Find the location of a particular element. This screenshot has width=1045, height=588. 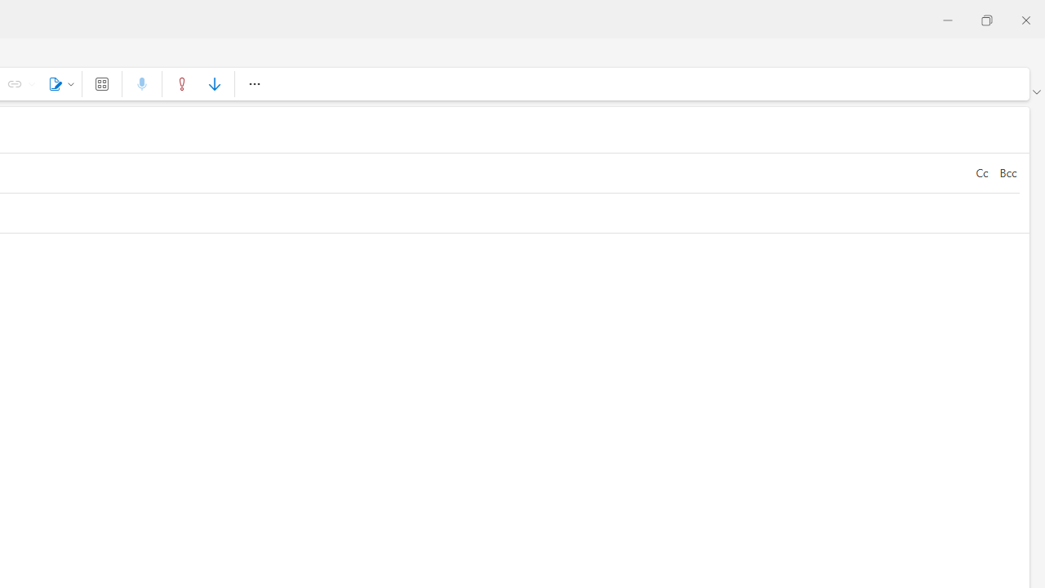

'Bcc' is located at coordinates (1007, 173).